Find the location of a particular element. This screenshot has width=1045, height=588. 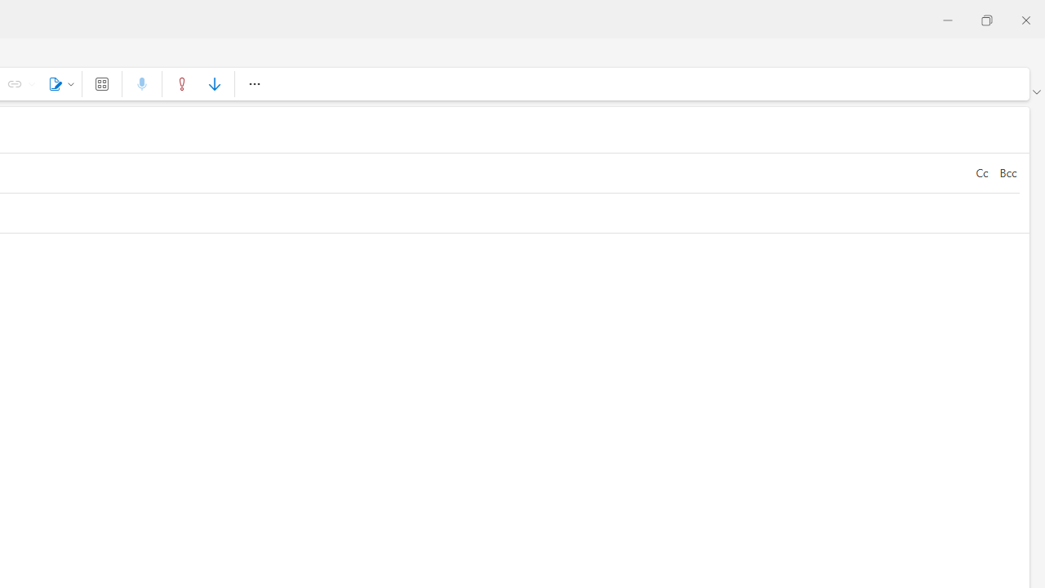

'Bcc' is located at coordinates (1007, 173).